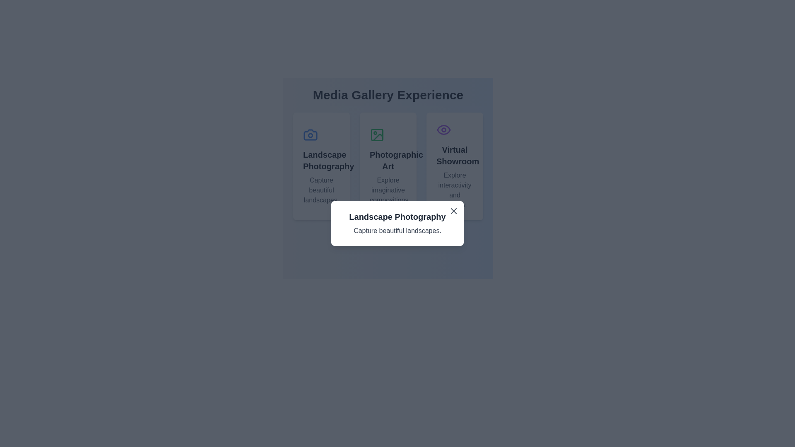 This screenshot has height=447, width=795. Describe the element at coordinates (310, 135) in the screenshot. I see `the small circular SVG icon within the camera icon located at the top of the leftmost card labeled 'Landscape Photography'` at that location.